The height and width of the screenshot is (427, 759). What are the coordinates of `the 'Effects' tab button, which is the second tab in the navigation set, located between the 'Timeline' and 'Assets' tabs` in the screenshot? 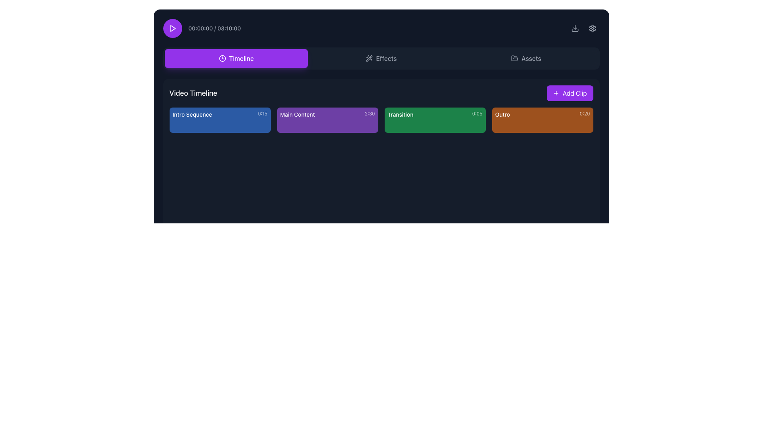 It's located at (381, 58).